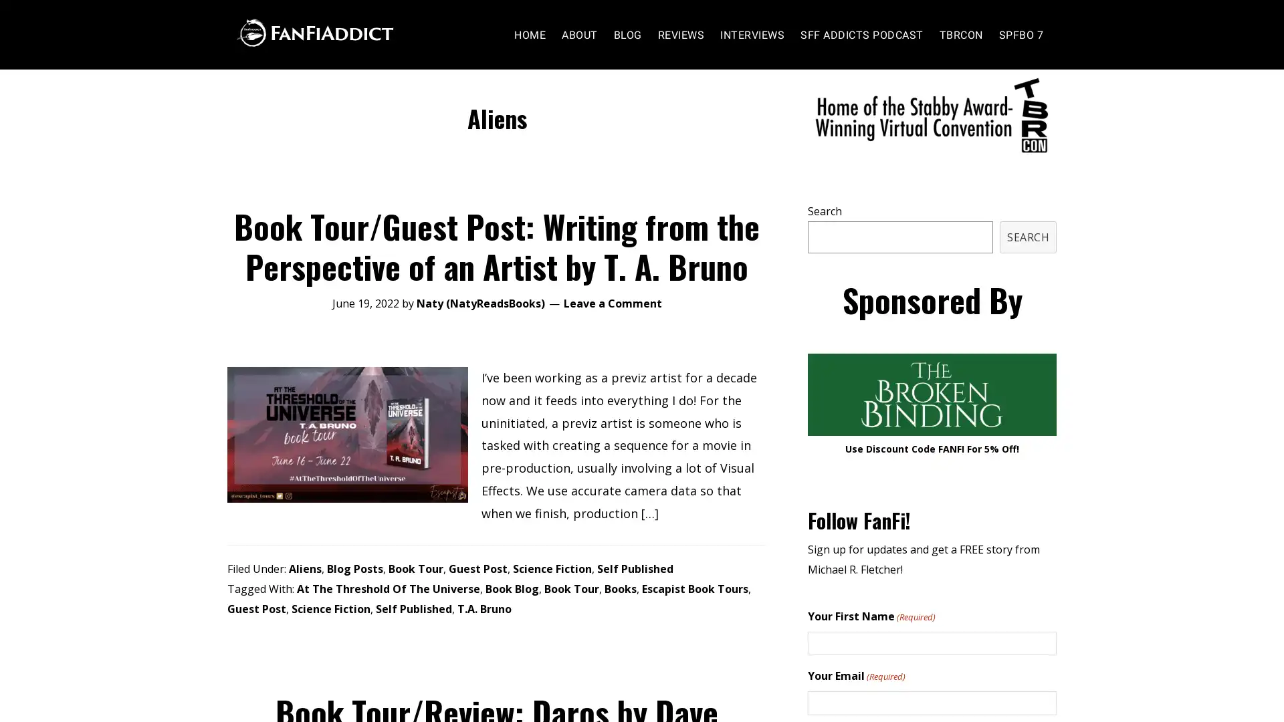 The image size is (1284, 722). I want to click on SEARCH, so click(1027, 263).